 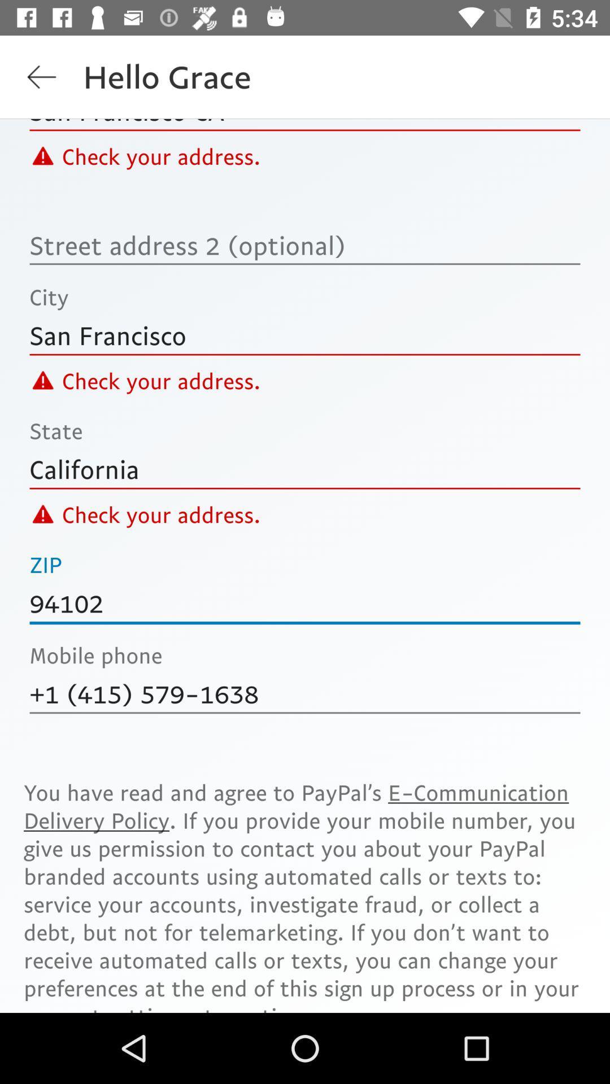 What do you see at coordinates (305, 244) in the screenshot?
I see `street address` at bounding box center [305, 244].